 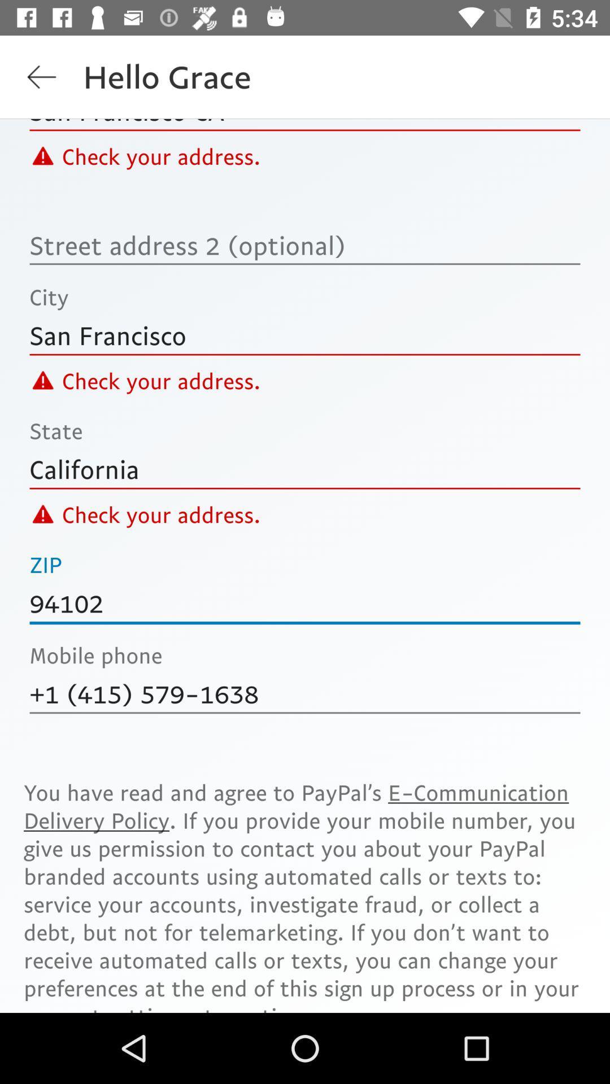 What do you see at coordinates (305, 244) in the screenshot?
I see `street address` at bounding box center [305, 244].